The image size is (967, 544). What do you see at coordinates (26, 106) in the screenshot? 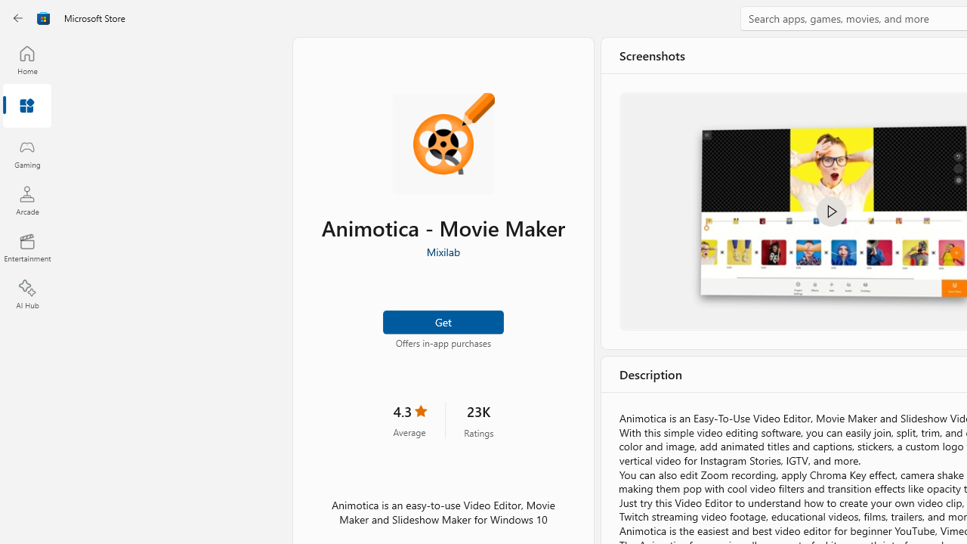
I see `'Apps'` at bounding box center [26, 106].